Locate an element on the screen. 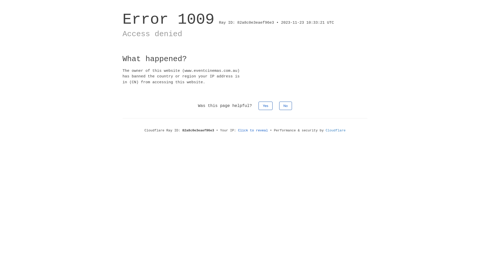 This screenshot has height=275, width=490. 'Yes' is located at coordinates (258, 105).